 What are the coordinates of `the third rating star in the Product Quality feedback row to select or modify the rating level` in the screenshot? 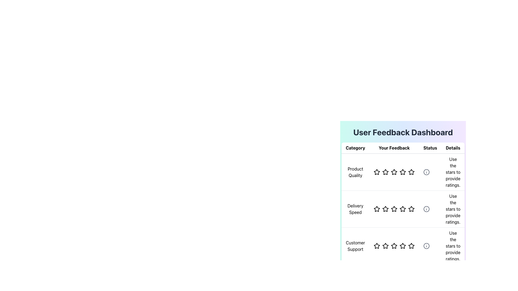 It's located at (394, 172).